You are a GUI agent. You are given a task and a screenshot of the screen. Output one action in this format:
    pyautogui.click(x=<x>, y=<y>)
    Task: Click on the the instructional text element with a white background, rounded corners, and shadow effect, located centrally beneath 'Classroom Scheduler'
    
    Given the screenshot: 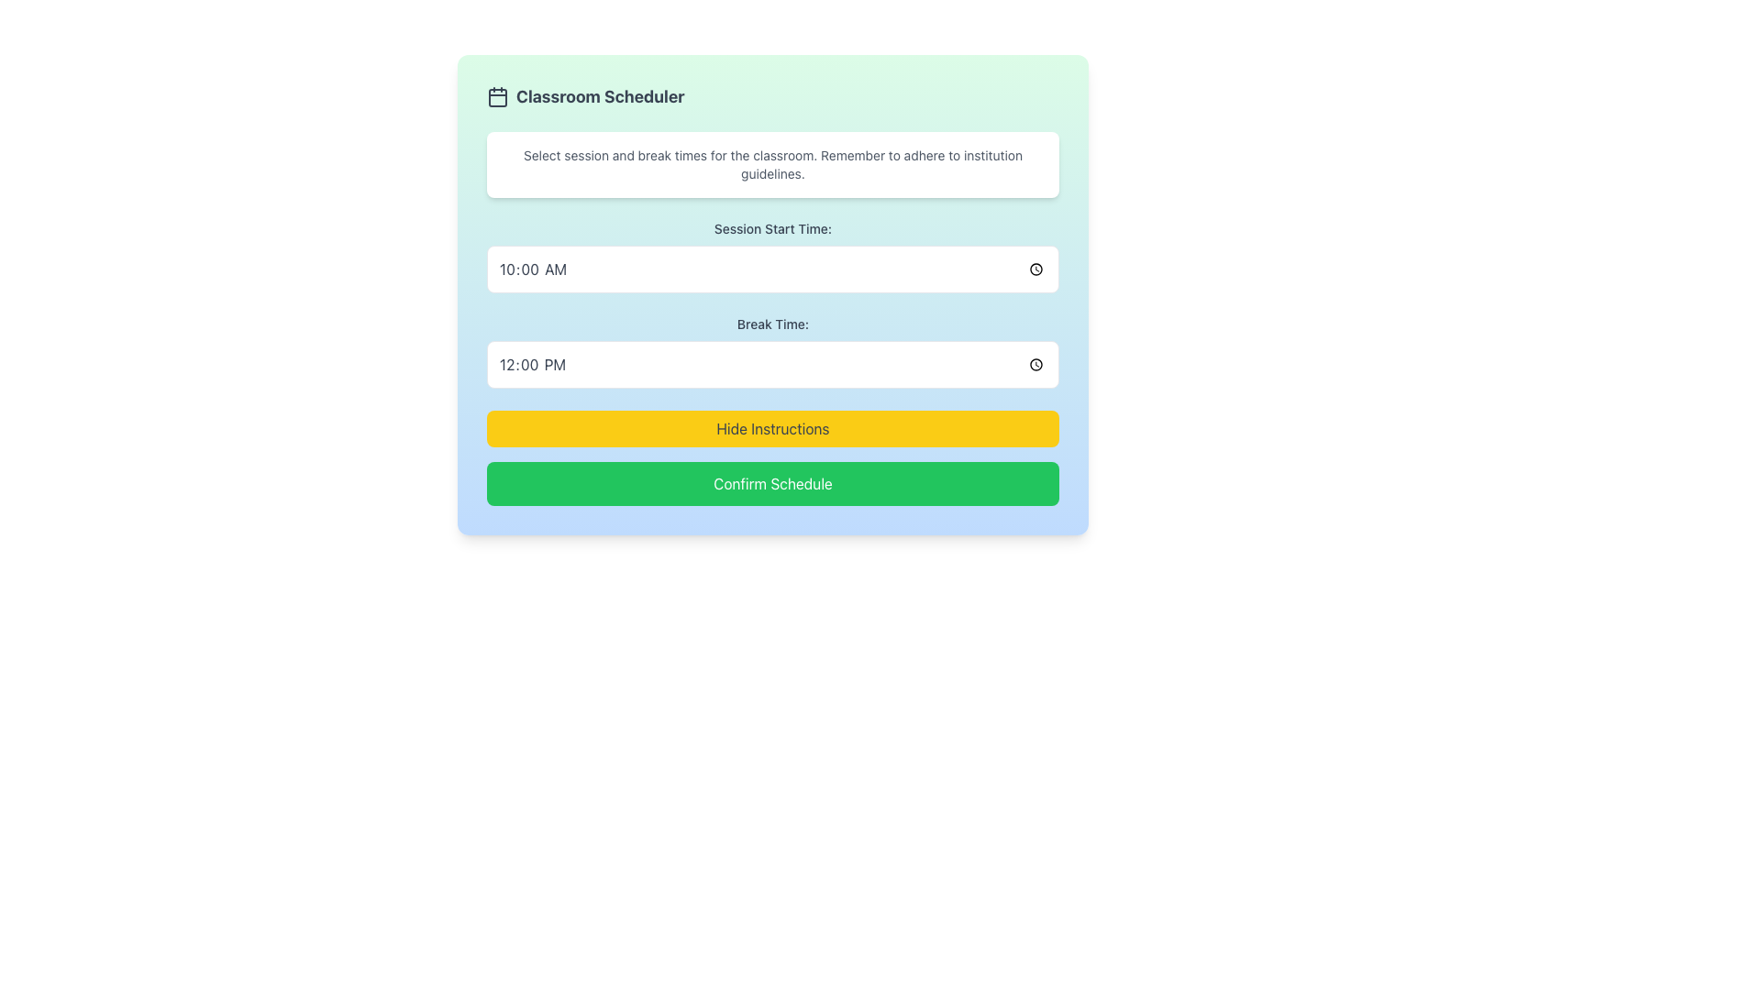 What is the action you would take?
    pyautogui.click(x=773, y=165)
    